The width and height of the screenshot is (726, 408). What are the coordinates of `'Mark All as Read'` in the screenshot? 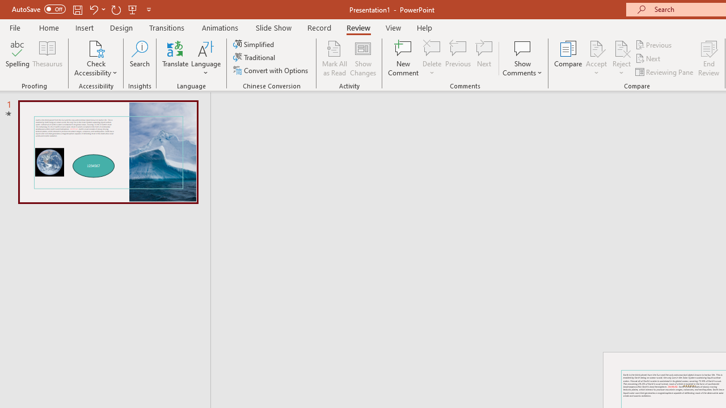 It's located at (334, 58).